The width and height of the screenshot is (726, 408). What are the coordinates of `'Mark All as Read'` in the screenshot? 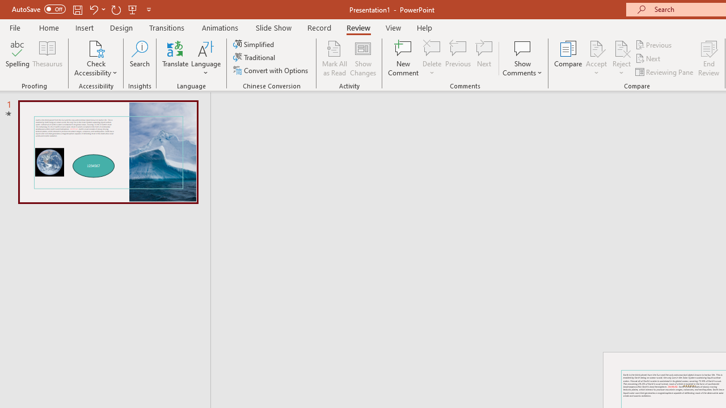 It's located at (334, 58).